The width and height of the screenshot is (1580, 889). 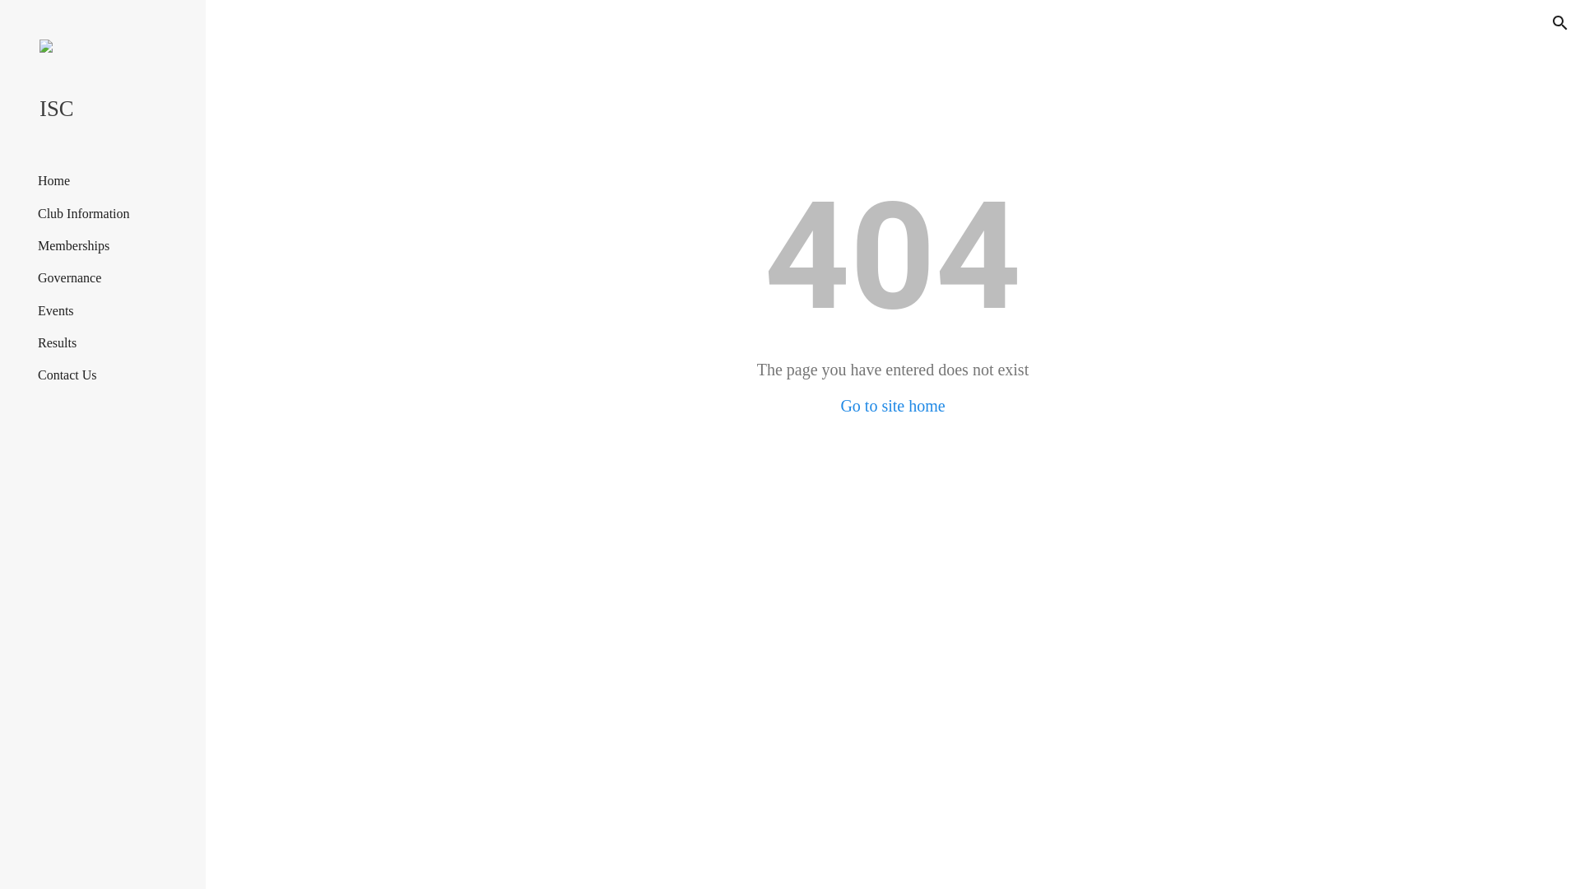 What do you see at coordinates (53, 180) in the screenshot?
I see `'Home'` at bounding box center [53, 180].